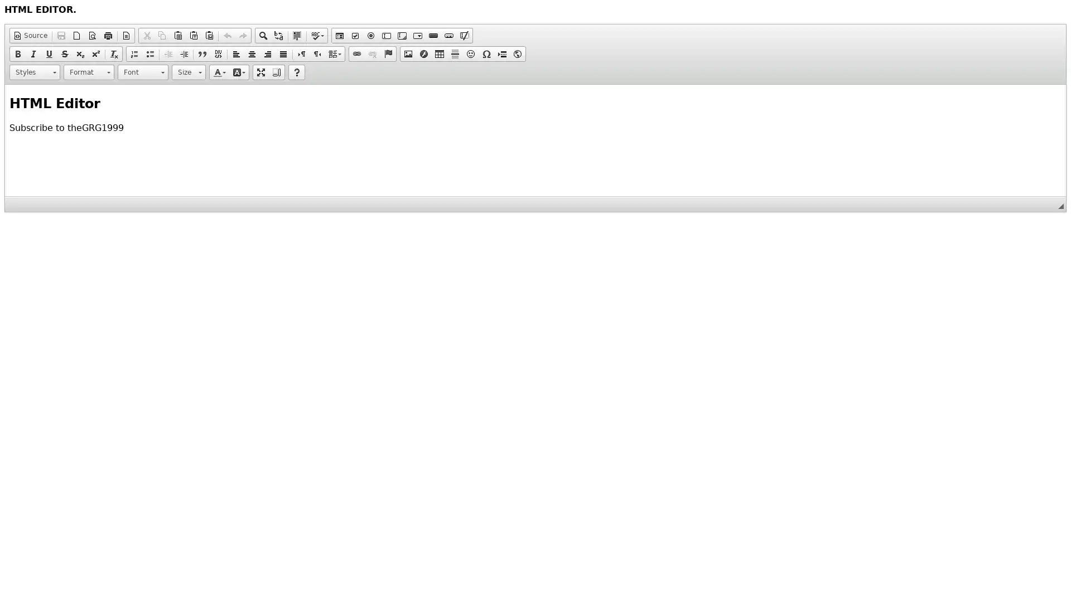 This screenshot has width=1071, height=602. Describe the element at coordinates (218, 54) in the screenshot. I see `Create Div Container` at that location.